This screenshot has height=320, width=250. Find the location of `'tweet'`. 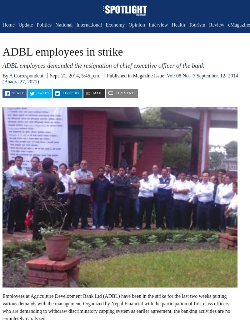

'tweet' is located at coordinates (43, 93).